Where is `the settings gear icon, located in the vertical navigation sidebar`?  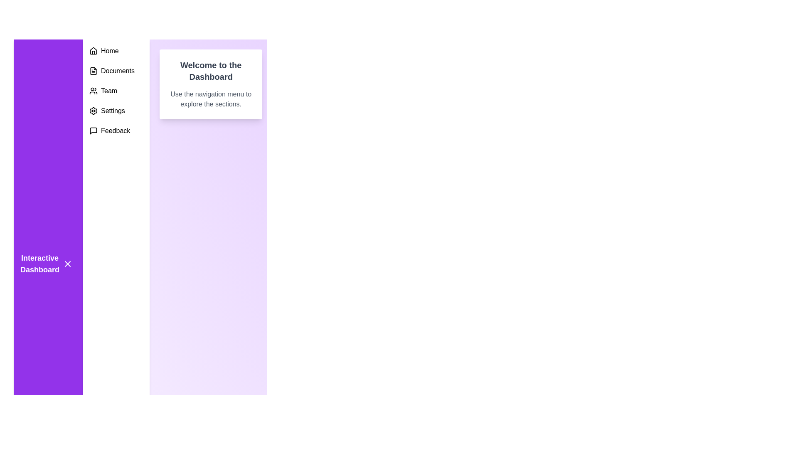
the settings gear icon, located in the vertical navigation sidebar is located at coordinates (94, 110).